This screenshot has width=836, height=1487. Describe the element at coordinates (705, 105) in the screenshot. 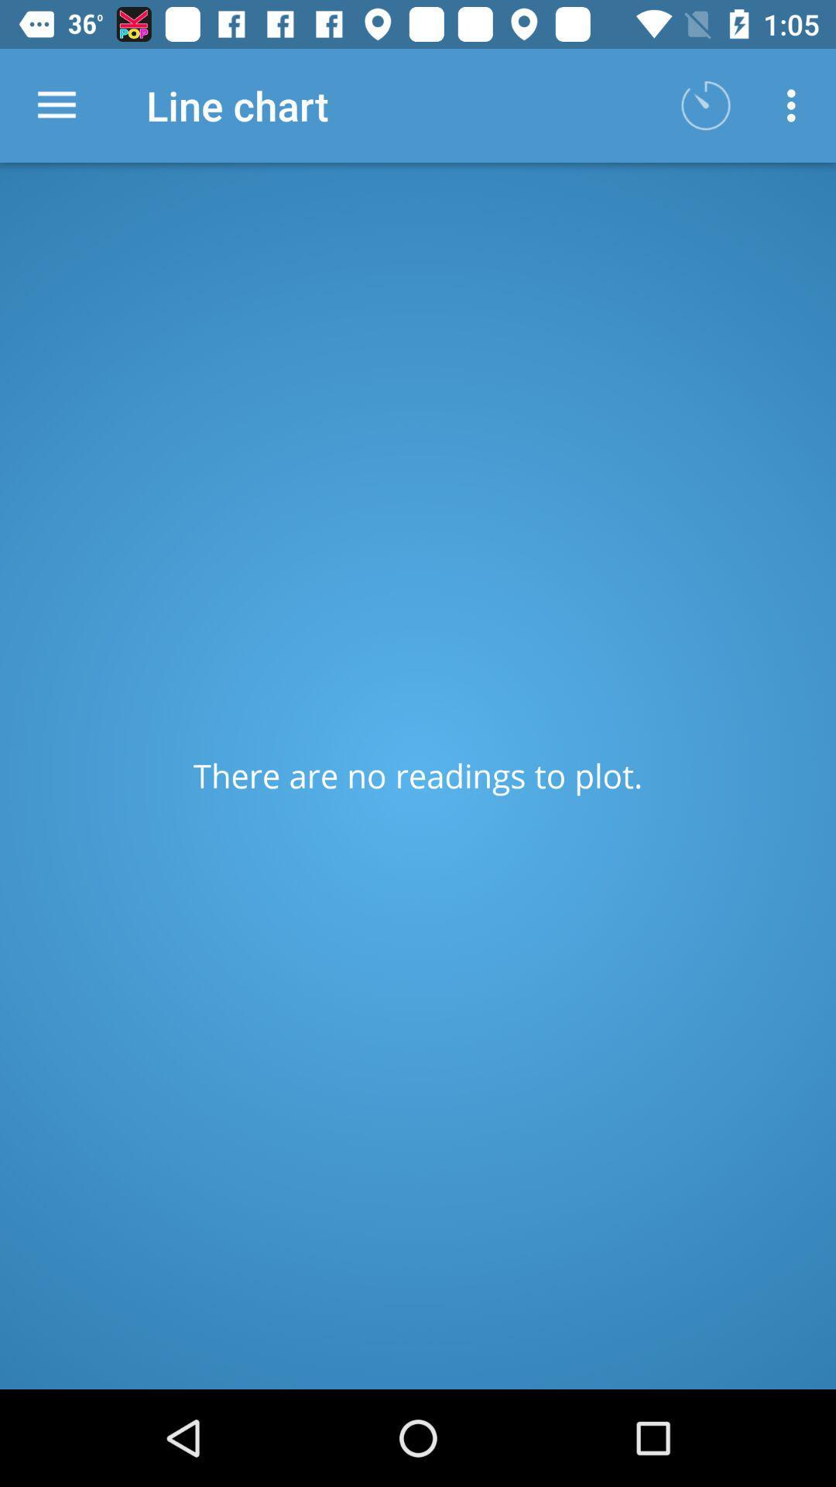

I see `icon next to the line chart` at that location.